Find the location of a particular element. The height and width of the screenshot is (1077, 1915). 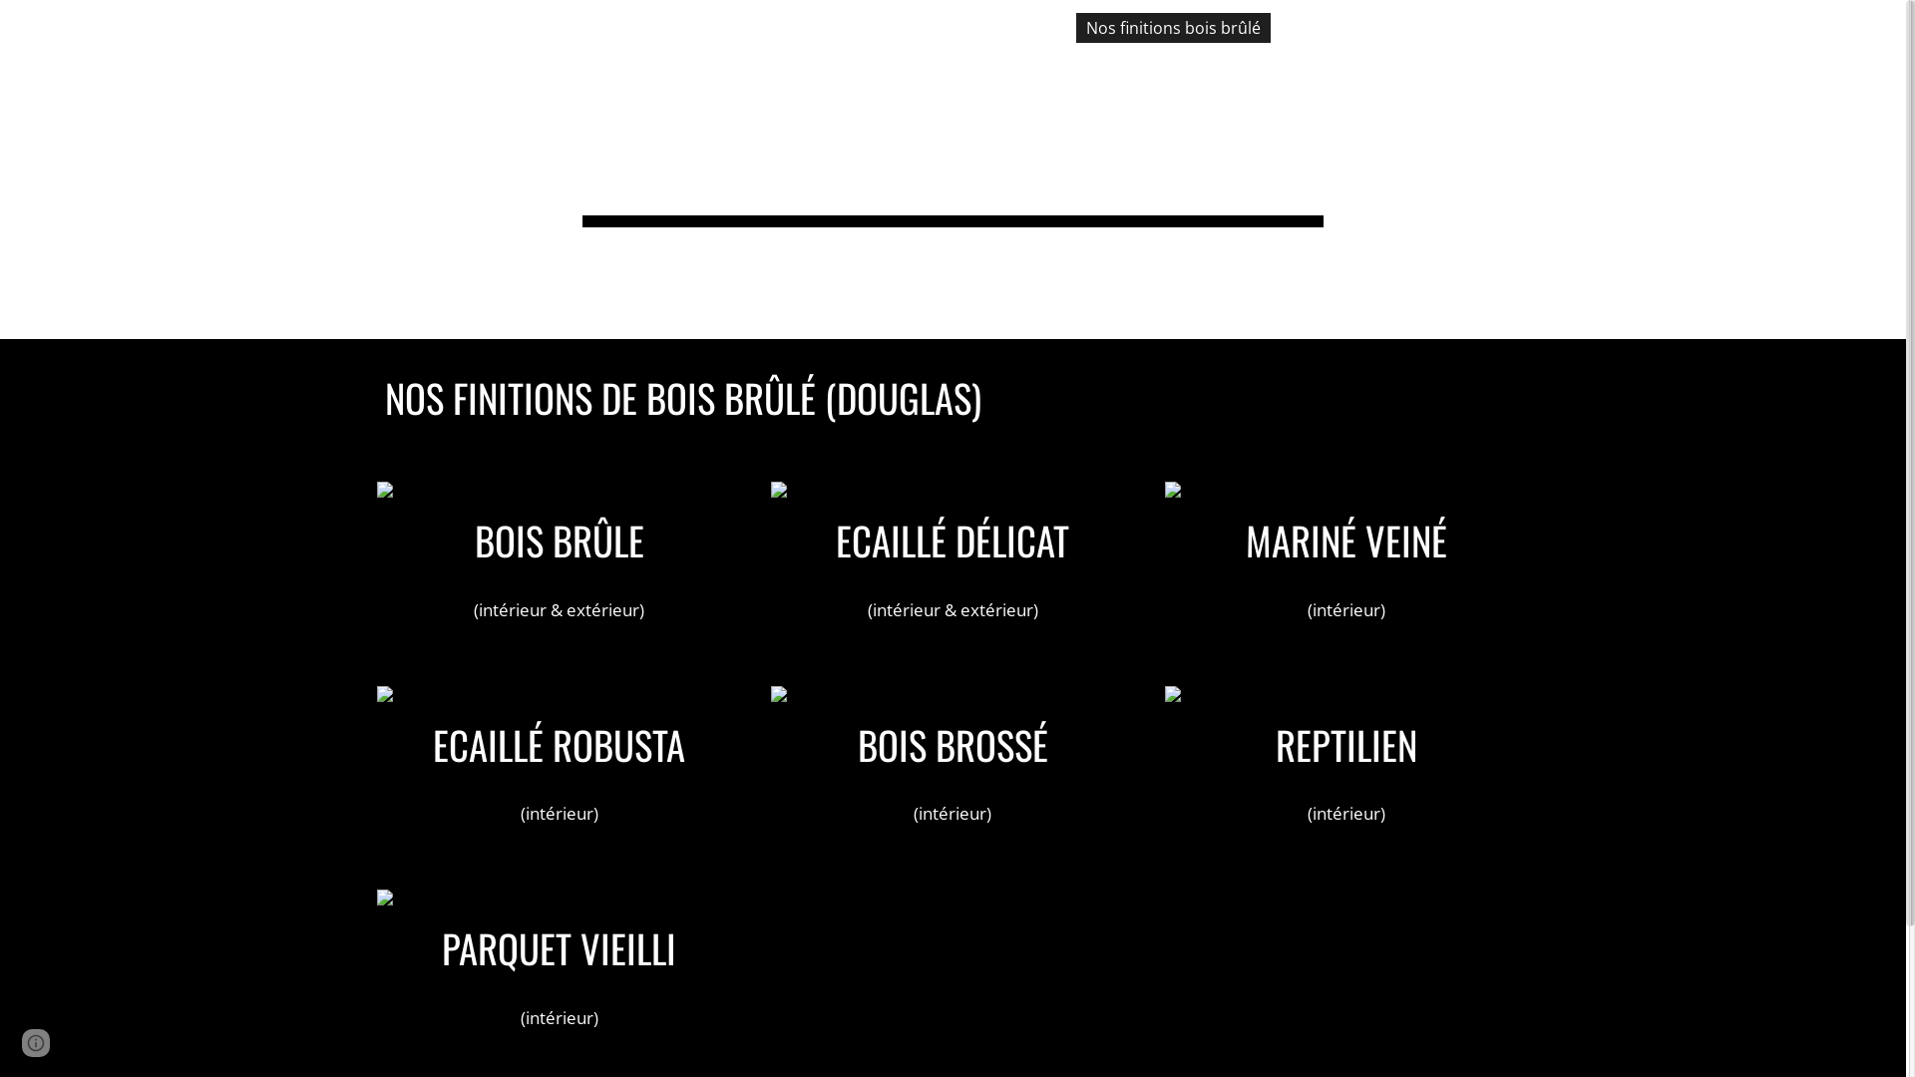

'Accueil' is located at coordinates (989, 27).